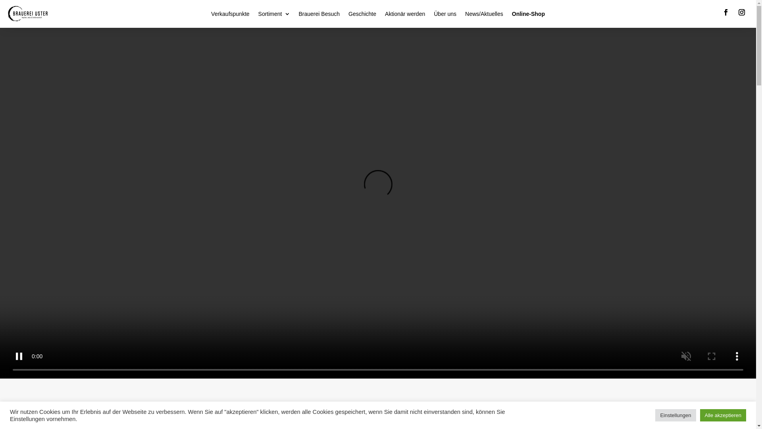  What do you see at coordinates (483, 15) in the screenshot?
I see `'News/Aktuelles'` at bounding box center [483, 15].